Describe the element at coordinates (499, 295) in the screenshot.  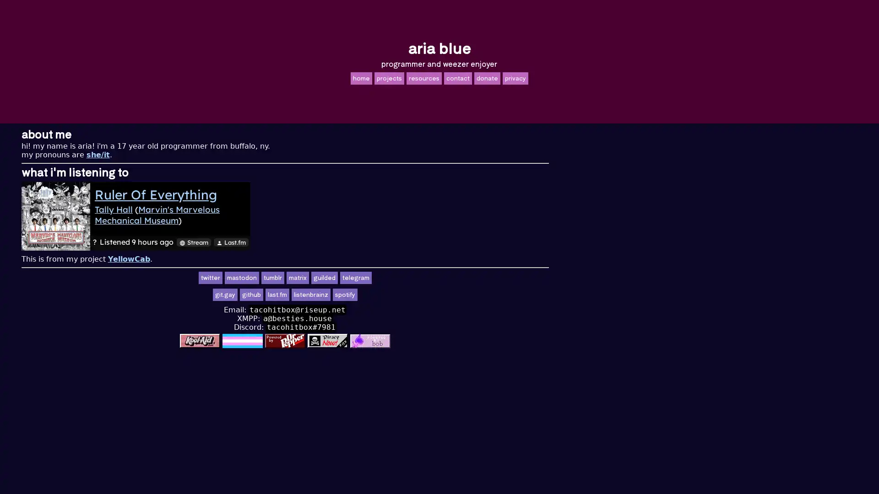
I see `spotify` at that location.